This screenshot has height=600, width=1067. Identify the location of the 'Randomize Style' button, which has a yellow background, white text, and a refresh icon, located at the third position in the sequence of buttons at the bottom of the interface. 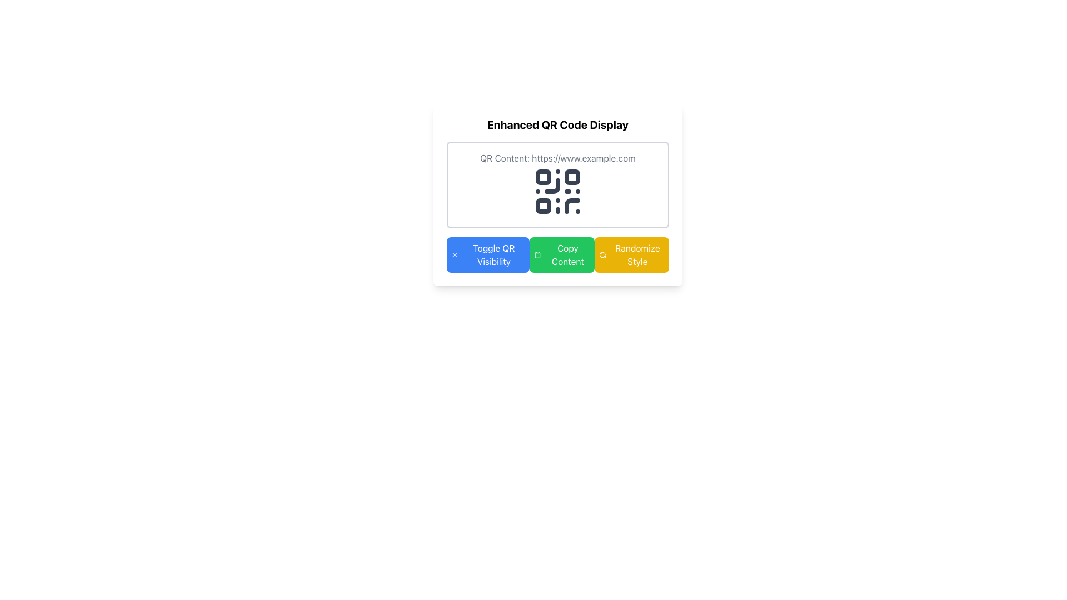
(632, 255).